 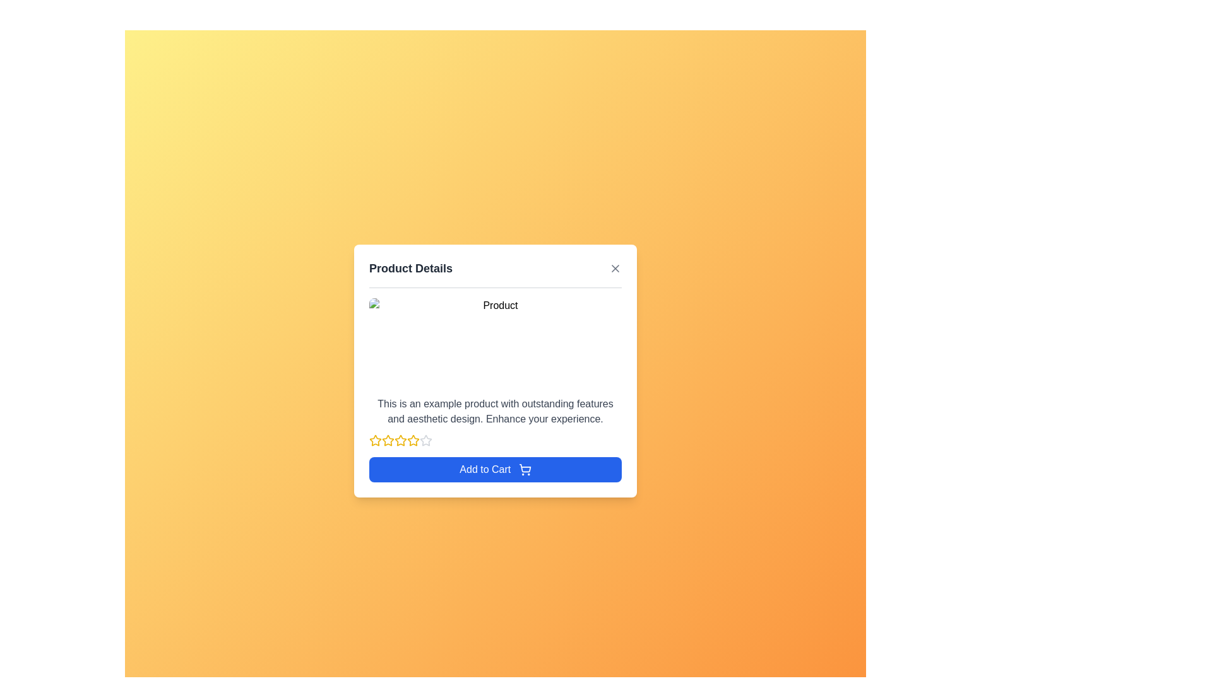 What do you see at coordinates (615, 267) in the screenshot?
I see `the close button located in the top-right corner of the 'Product Details' header to change its color` at bounding box center [615, 267].